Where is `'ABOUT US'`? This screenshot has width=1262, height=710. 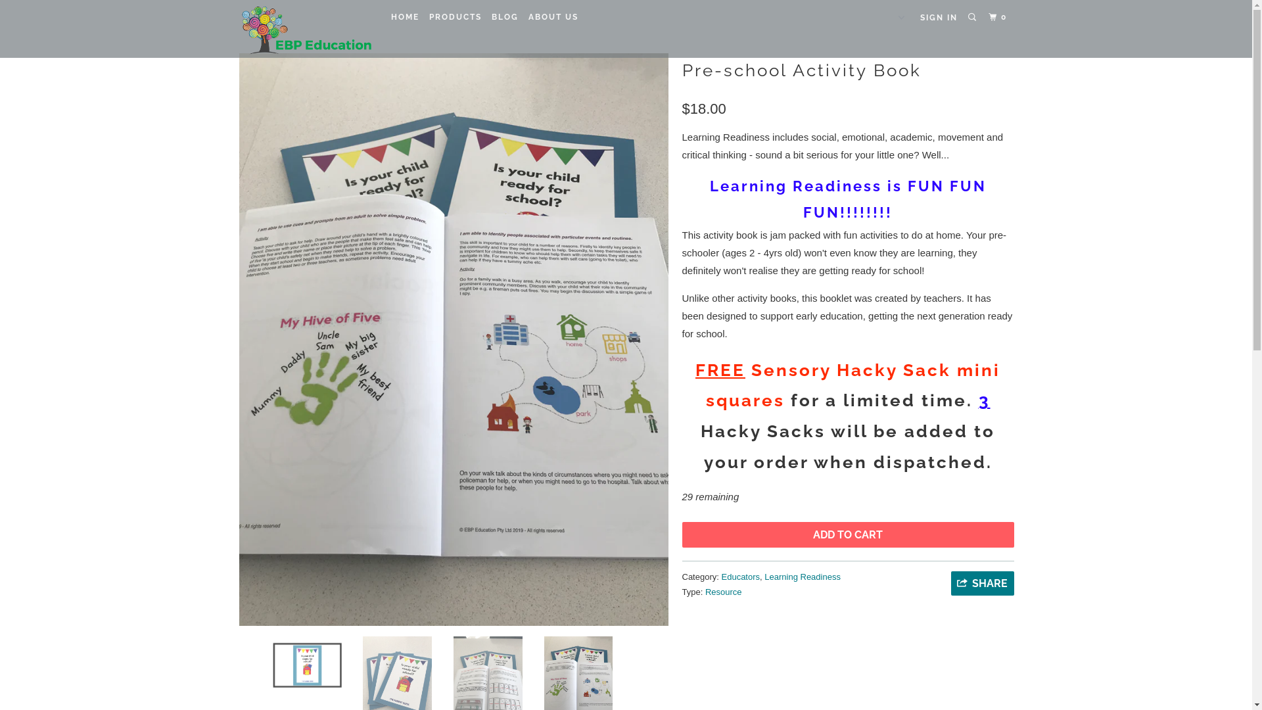 'ABOUT US' is located at coordinates (553, 17).